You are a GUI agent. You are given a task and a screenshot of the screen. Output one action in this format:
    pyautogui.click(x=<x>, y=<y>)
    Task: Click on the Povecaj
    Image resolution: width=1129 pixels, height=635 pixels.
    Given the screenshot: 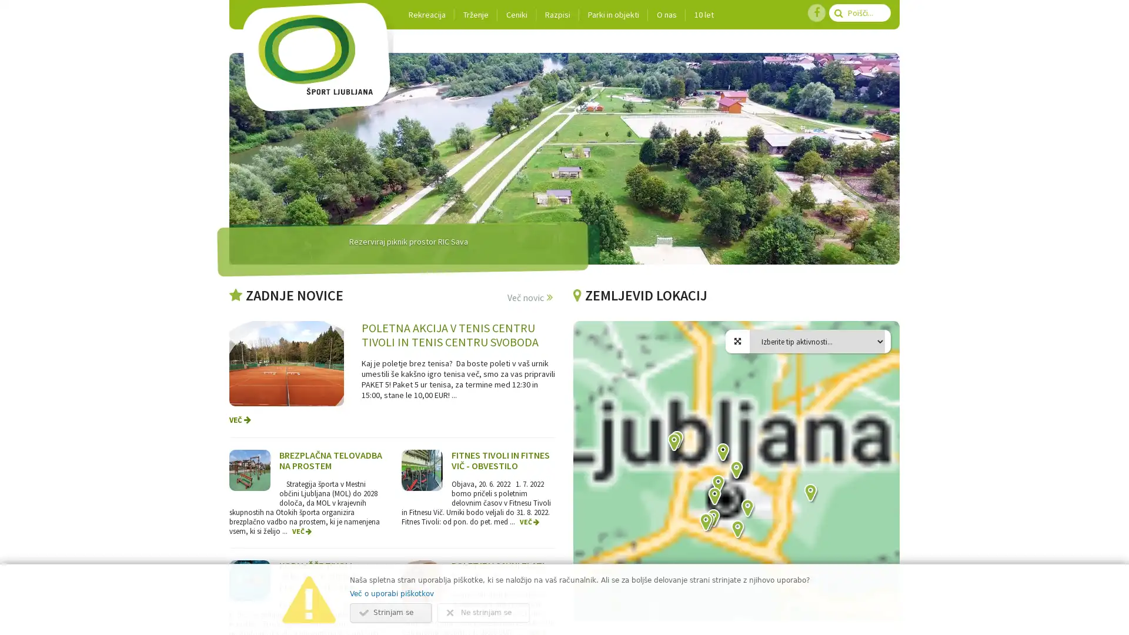 What is the action you would take?
    pyautogui.click(x=881, y=570)
    